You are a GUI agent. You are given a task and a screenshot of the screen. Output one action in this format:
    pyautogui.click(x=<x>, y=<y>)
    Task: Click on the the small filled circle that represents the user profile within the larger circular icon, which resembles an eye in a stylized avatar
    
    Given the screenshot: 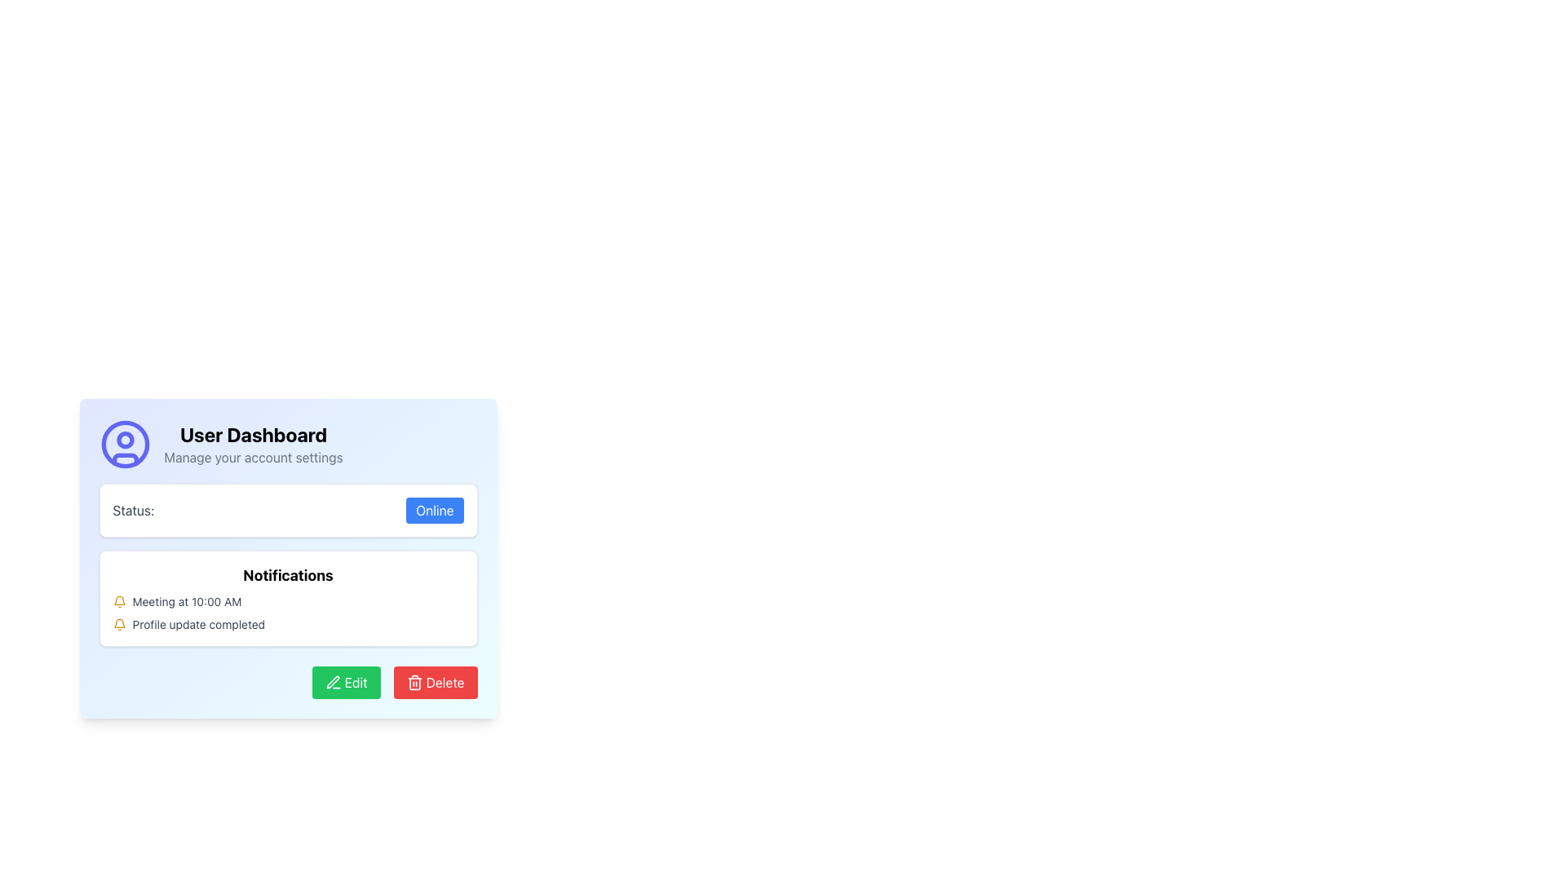 What is the action you would take?
    pyautogui.click(x=124, y=439)
    